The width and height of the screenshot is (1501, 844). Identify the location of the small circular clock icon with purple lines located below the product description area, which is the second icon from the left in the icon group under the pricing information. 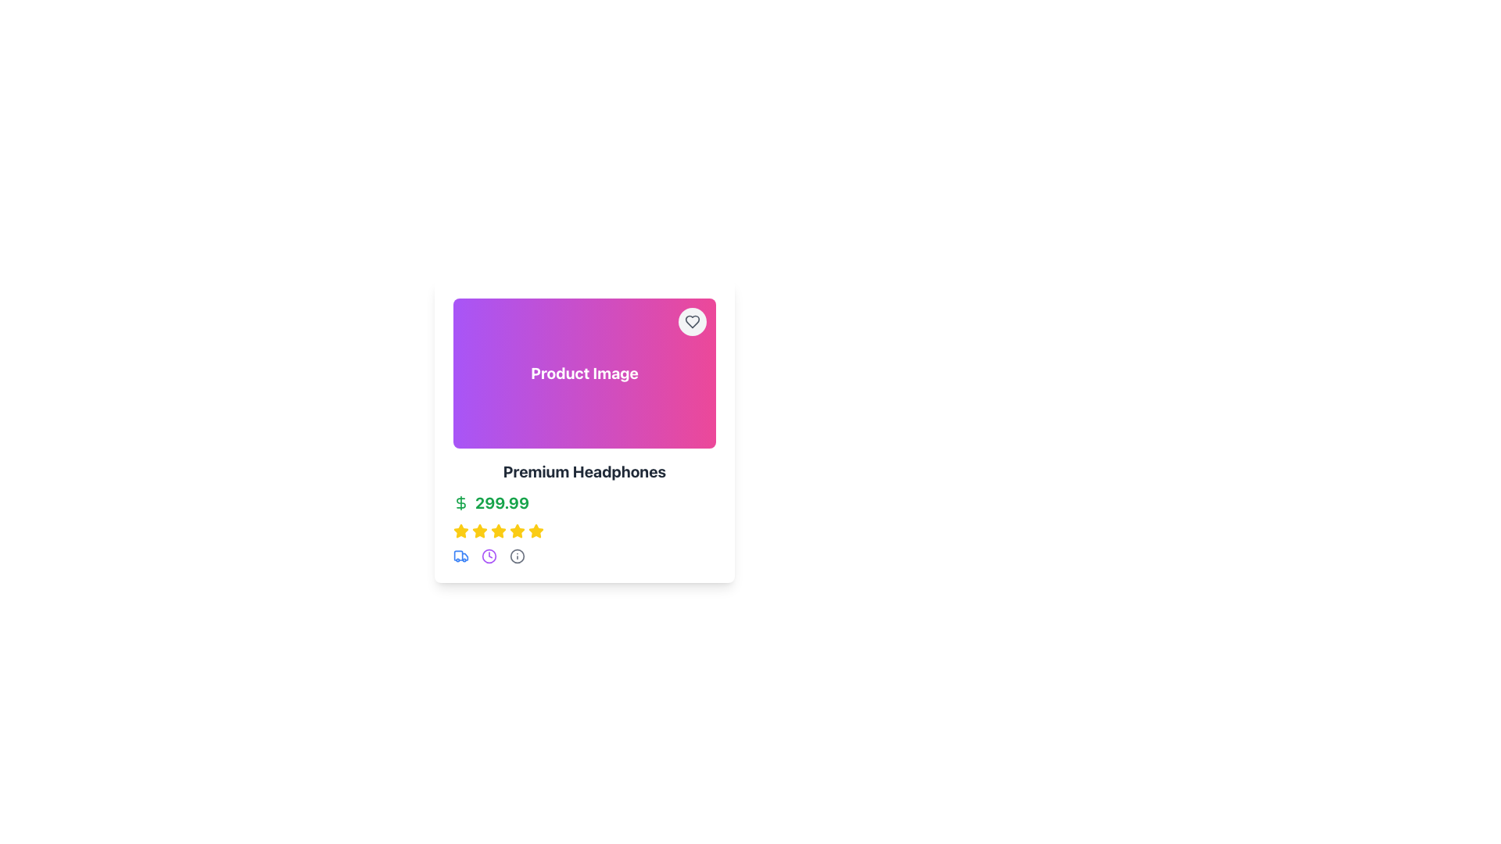
(488, 556).